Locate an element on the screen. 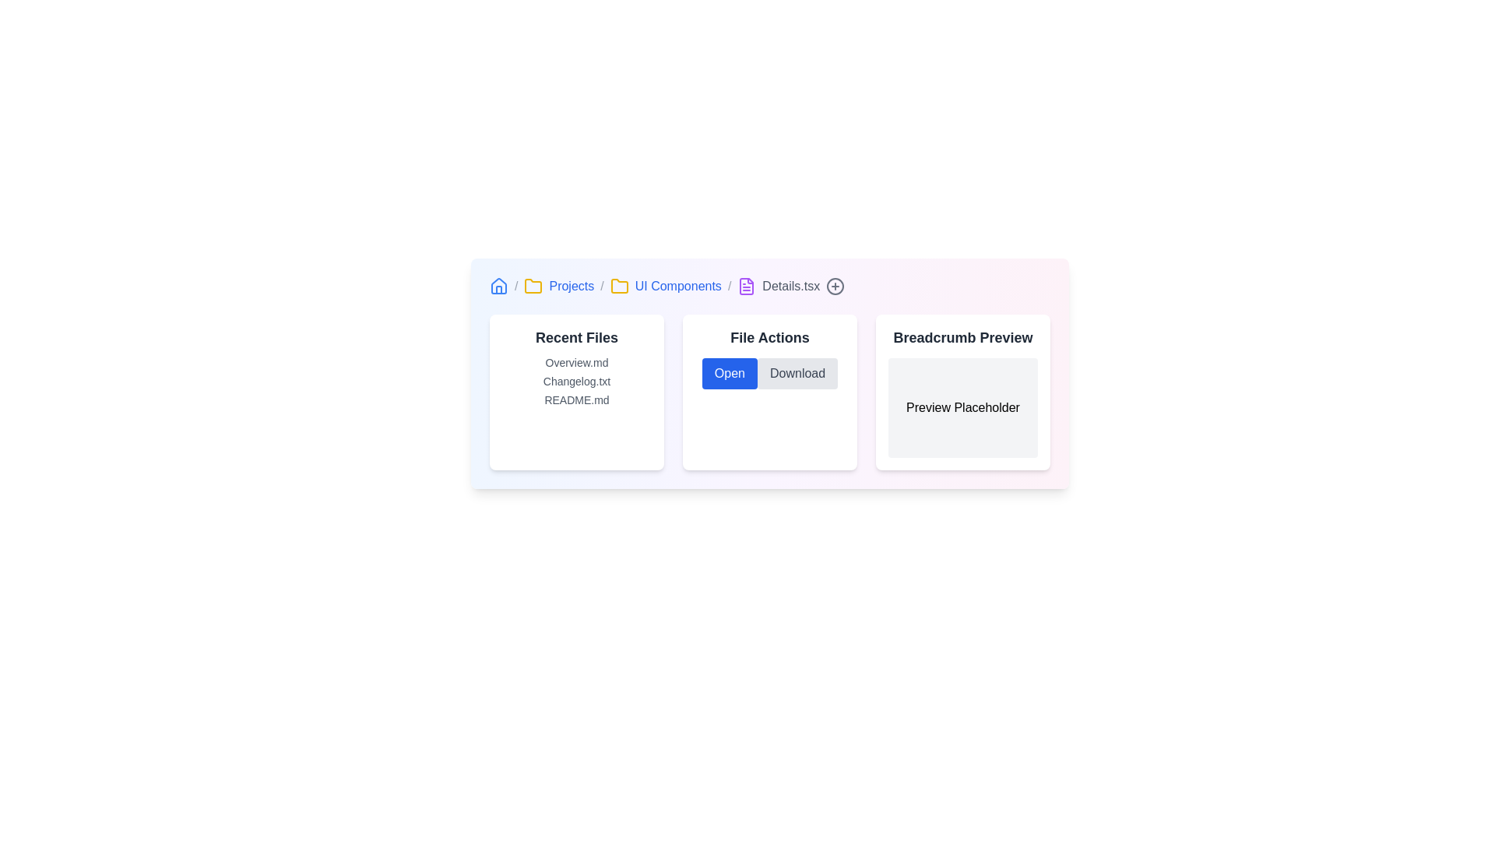  file names listed in the 'Recent Files' card, which has a white background and rounded corners, and contains the titles 'Overview.md', 'Changelog.txt', and 'README.md' is located at coordinates (575, 392).